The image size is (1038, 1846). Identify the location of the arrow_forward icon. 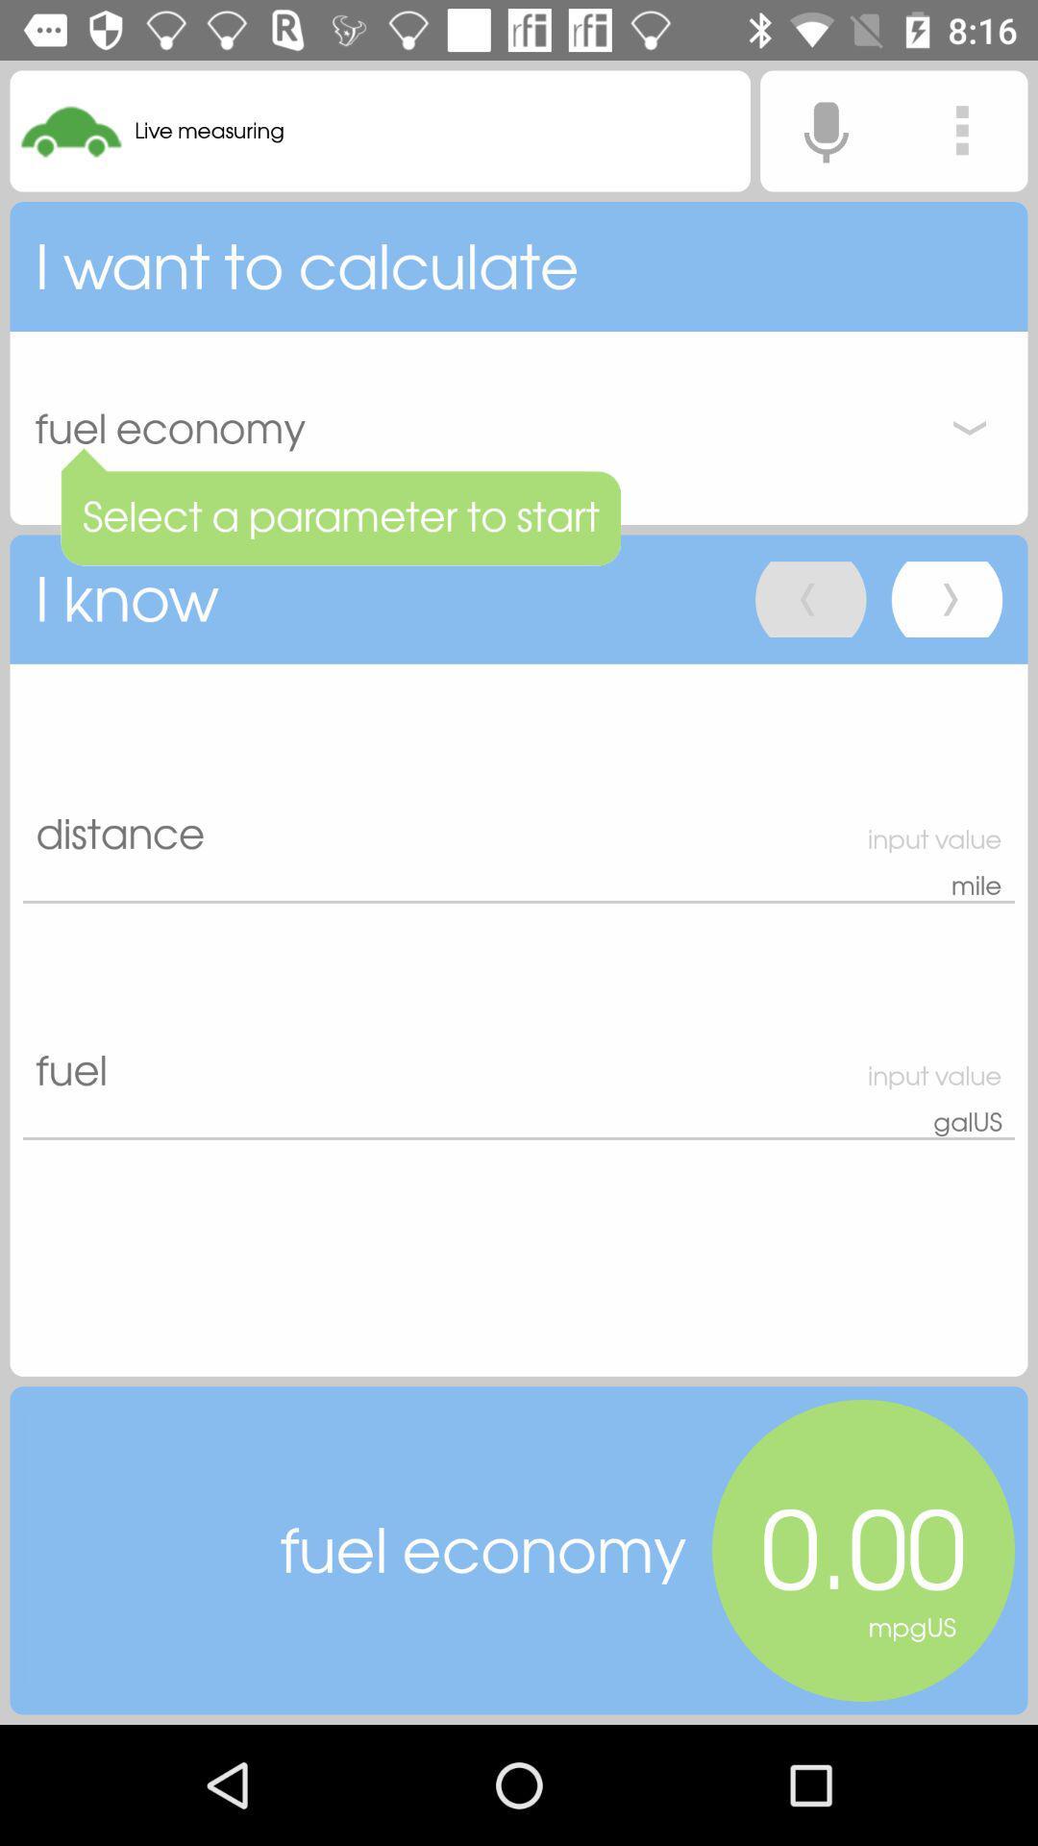
(946, 598).